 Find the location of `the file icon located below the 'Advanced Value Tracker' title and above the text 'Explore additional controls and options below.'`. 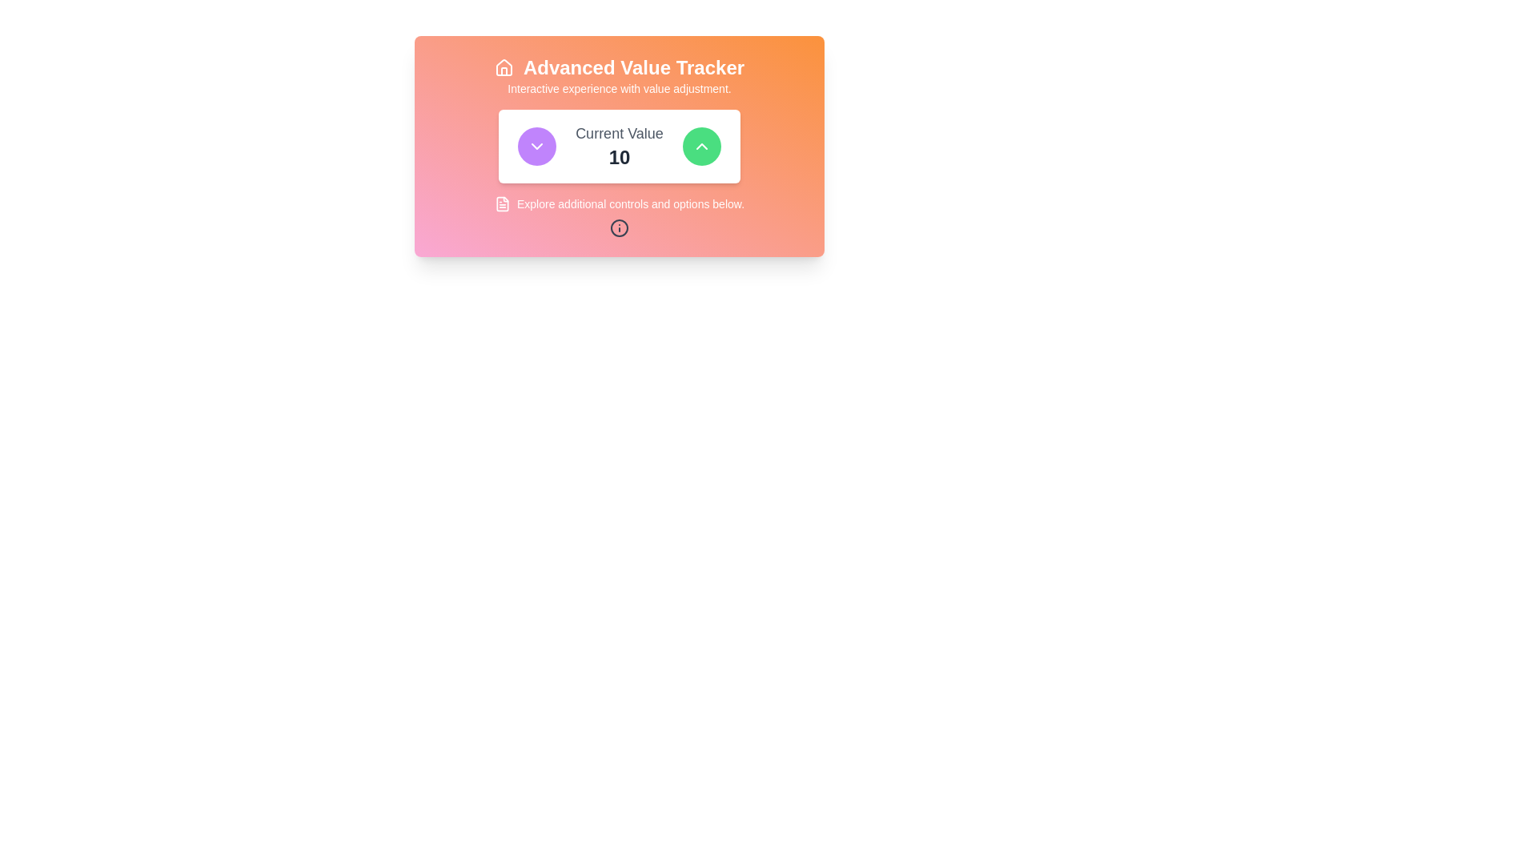

the file icon located below the 'Advanced Value Tracker' title and above the text 'Explore additional controls and options below.' is located at coordinates (502, 203).